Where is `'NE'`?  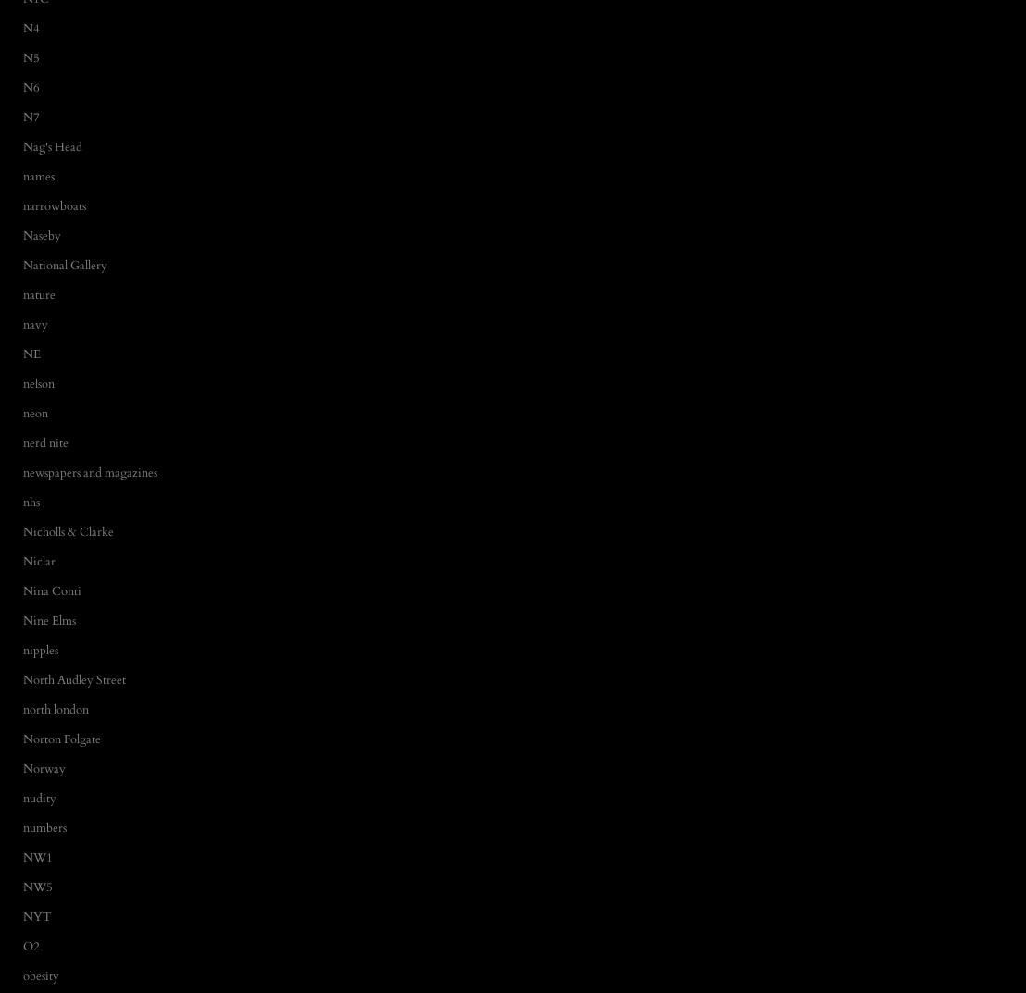 'NE' is located at coordinates (31, 352).